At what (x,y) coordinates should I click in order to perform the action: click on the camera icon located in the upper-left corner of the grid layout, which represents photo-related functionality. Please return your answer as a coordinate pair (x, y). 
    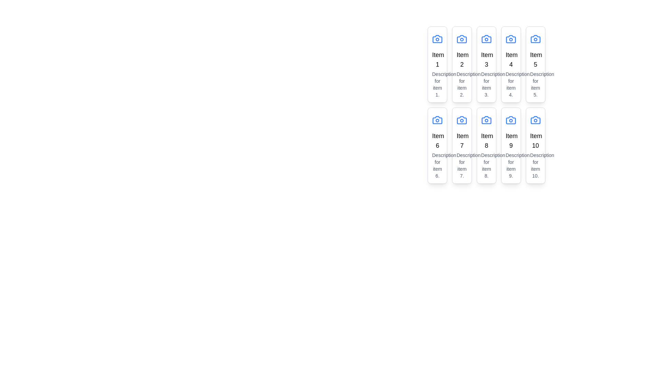
    Looking at the image, I should click on (437, 39).